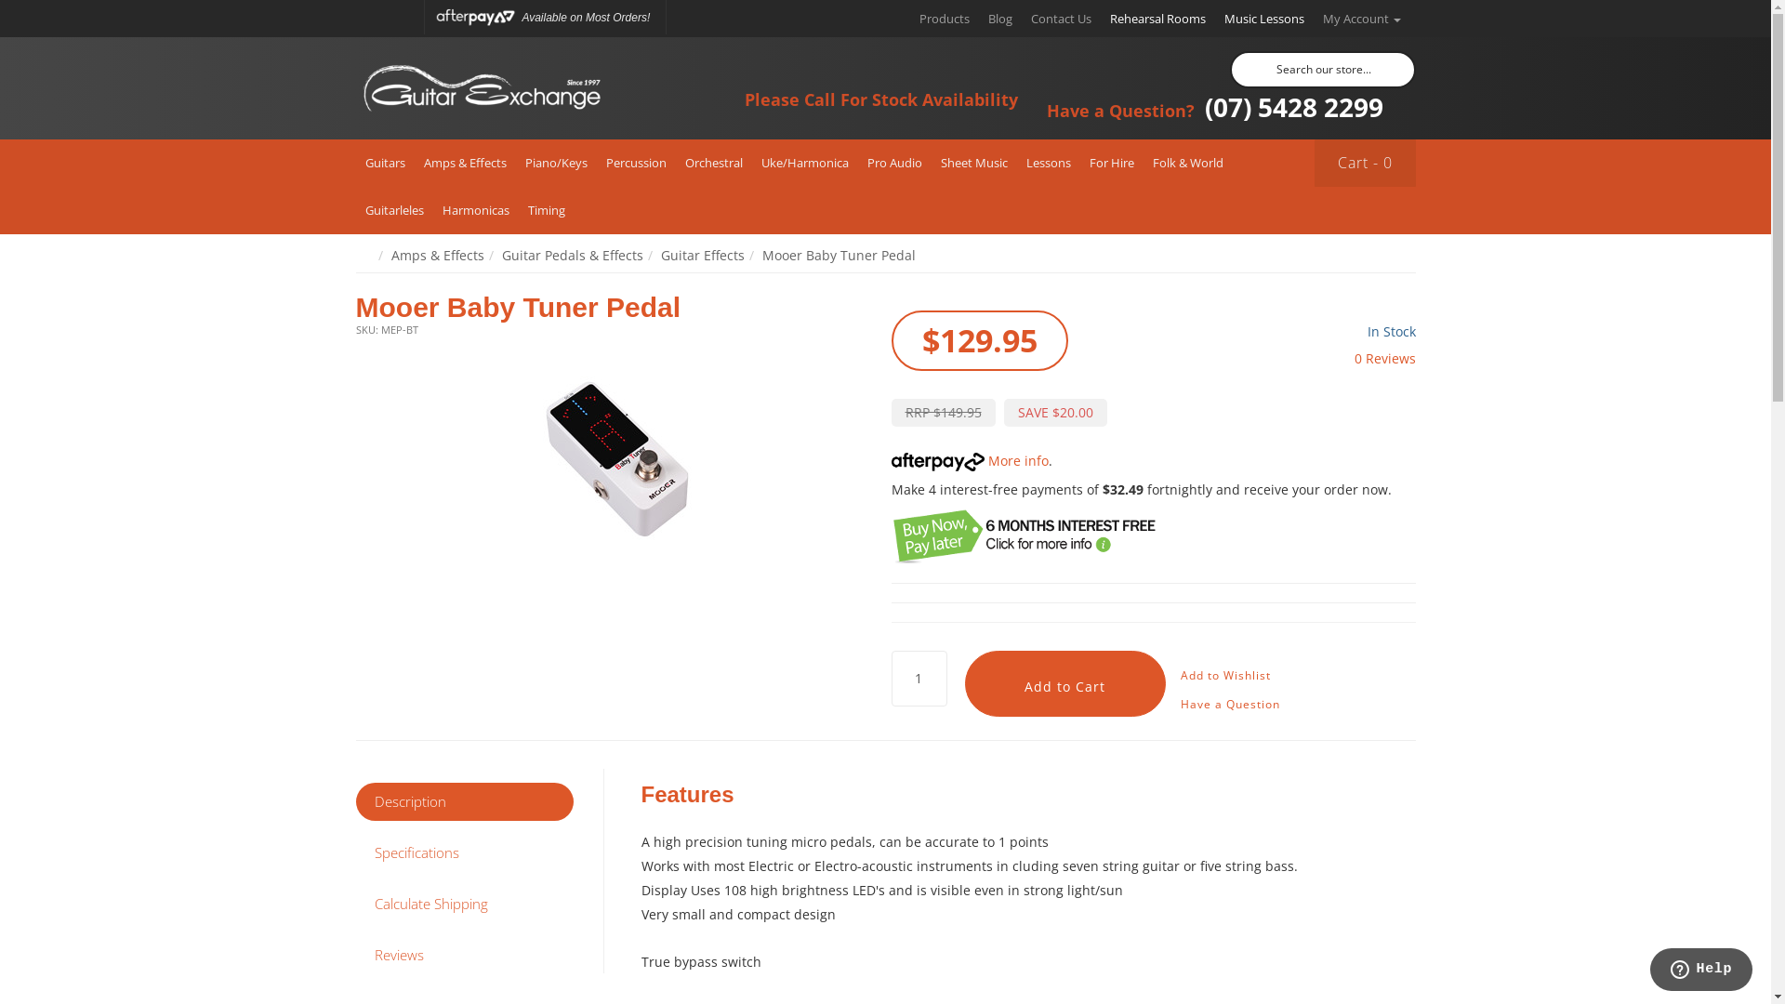  I want to click on 'Music Lessons', so click(1263, 18).